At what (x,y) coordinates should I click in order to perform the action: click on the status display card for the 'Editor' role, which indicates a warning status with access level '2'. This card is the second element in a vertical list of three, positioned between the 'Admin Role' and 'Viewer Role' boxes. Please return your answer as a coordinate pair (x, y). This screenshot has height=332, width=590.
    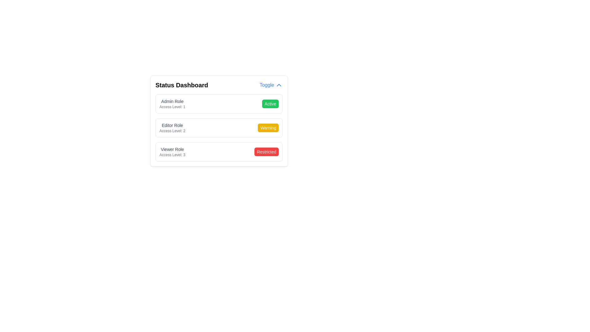
    Looking at the image, I should click on (219, 128).